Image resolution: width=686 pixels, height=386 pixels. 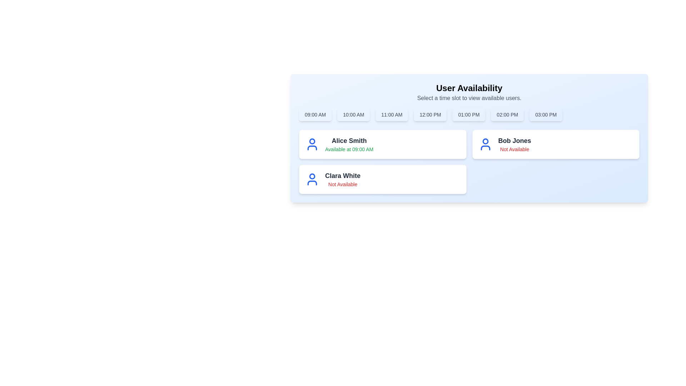 What do you see at coordinates (391, 114) in the screenshot?
I see `the rectangular button labeled '11:00 AM'` at bounding box center [391, 114].